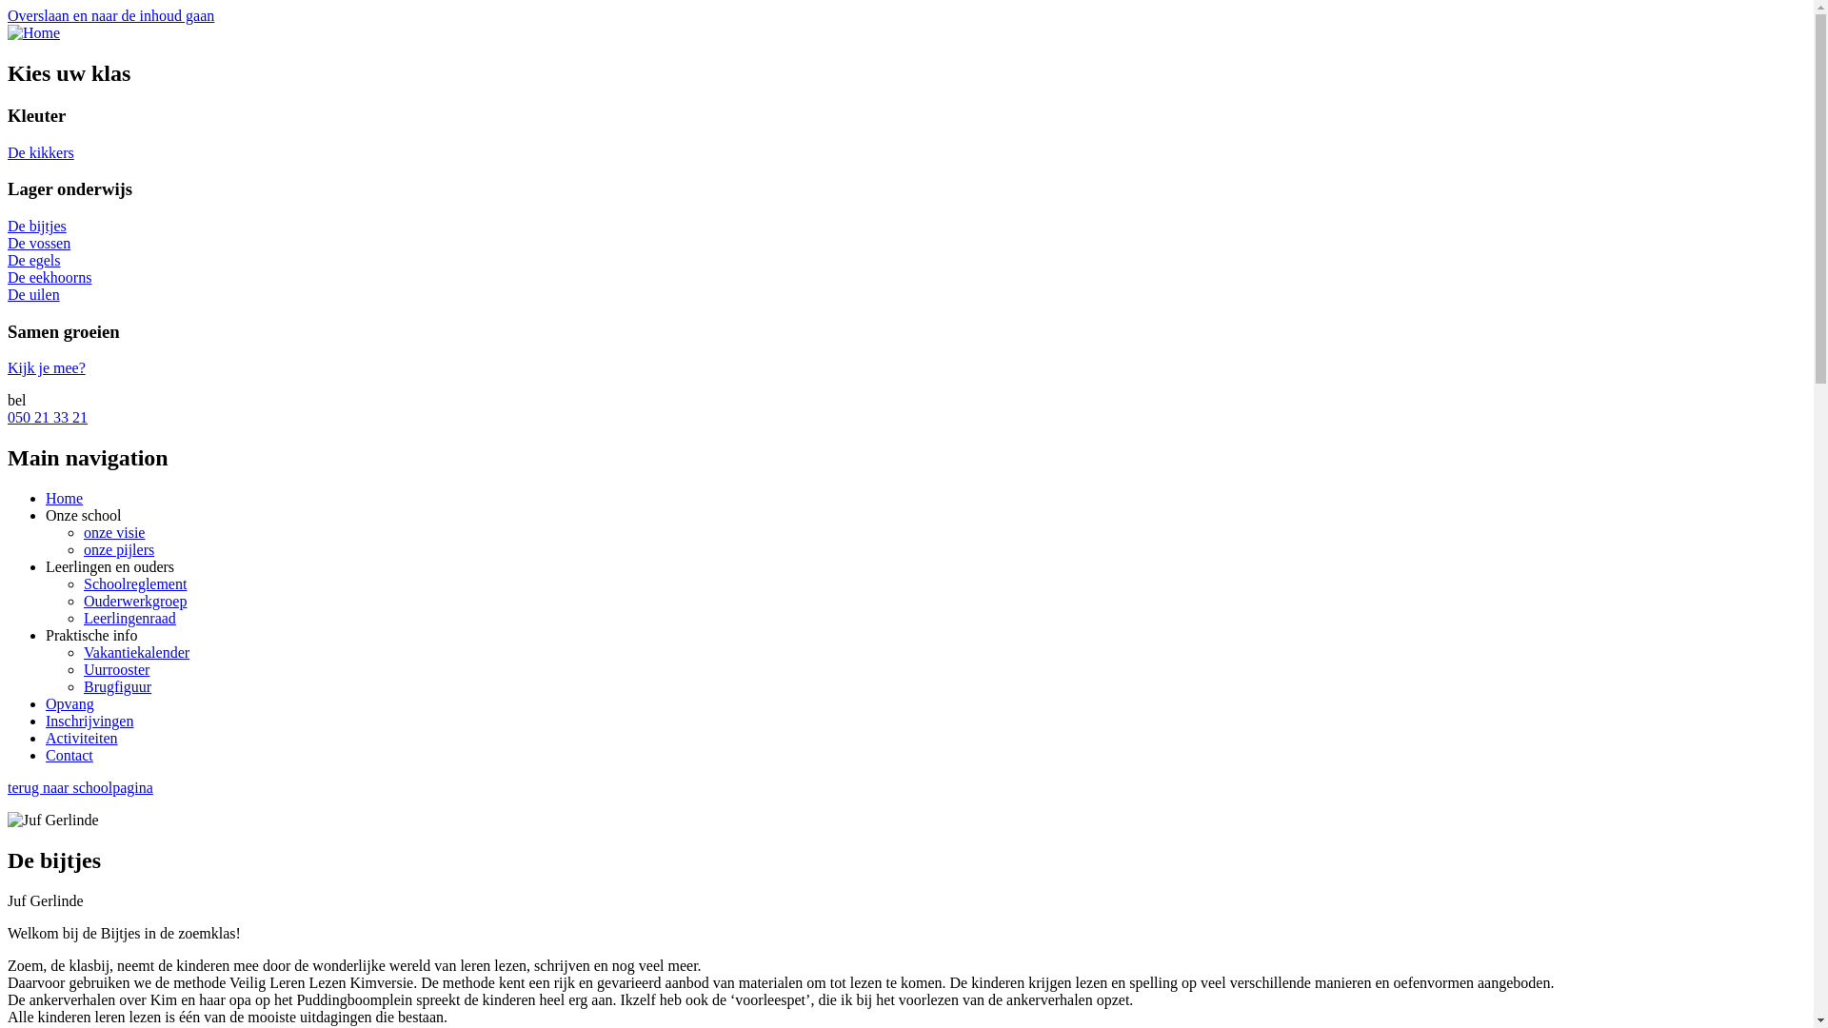  I want to click on 'Home', so click(64, 497).